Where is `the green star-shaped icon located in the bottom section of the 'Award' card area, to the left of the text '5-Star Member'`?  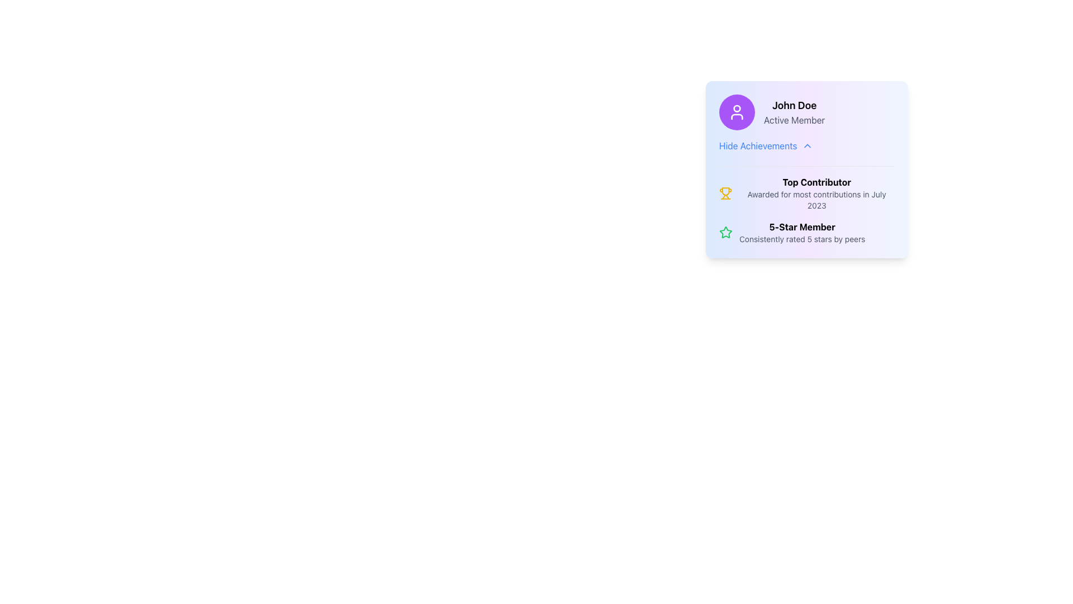 the green star-shaped icon located in the bottom section of the 'Award' card area, to the left of the text '5-Star Member' is located at coordinates (726, 232).